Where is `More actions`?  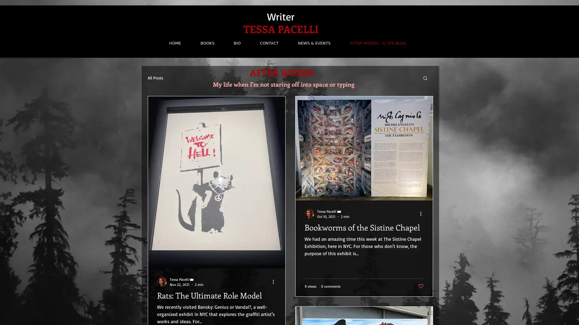 More actions is located at coordinates (275, 281).